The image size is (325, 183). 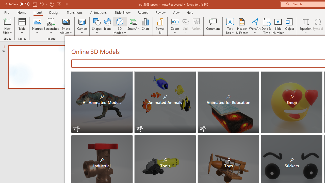 What do you see at coordinates (145, 26) in the screenshot?
I see `'Chart...'` at bounding box center [145, 26].